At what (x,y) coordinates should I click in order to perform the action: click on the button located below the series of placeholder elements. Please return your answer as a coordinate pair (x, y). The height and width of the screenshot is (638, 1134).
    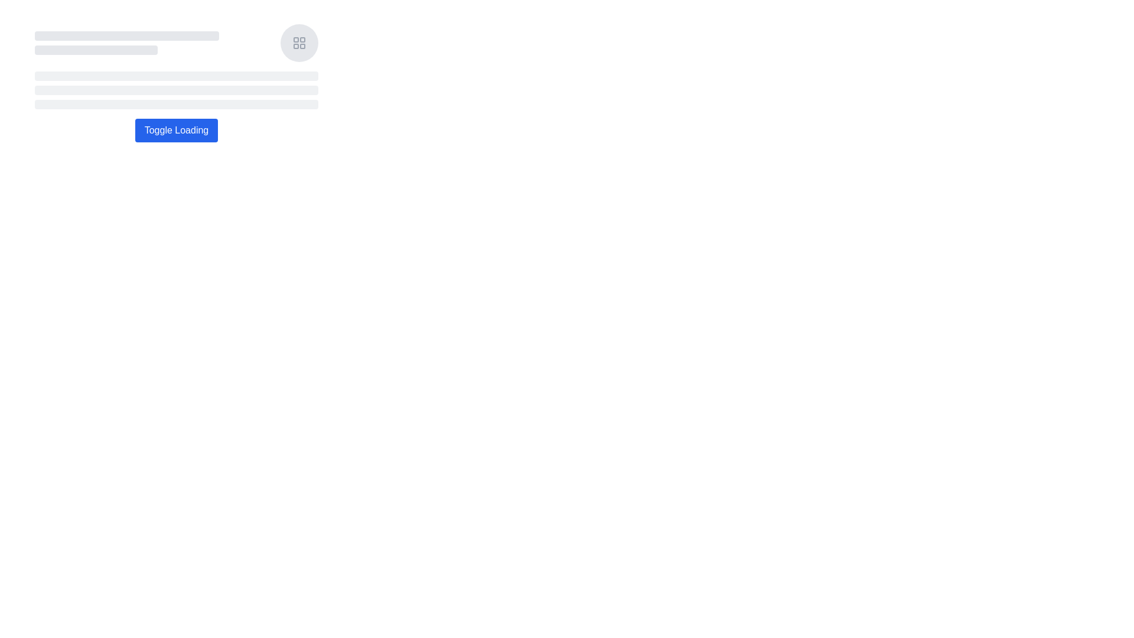
    Looking at the image, I should click on (175, 130).